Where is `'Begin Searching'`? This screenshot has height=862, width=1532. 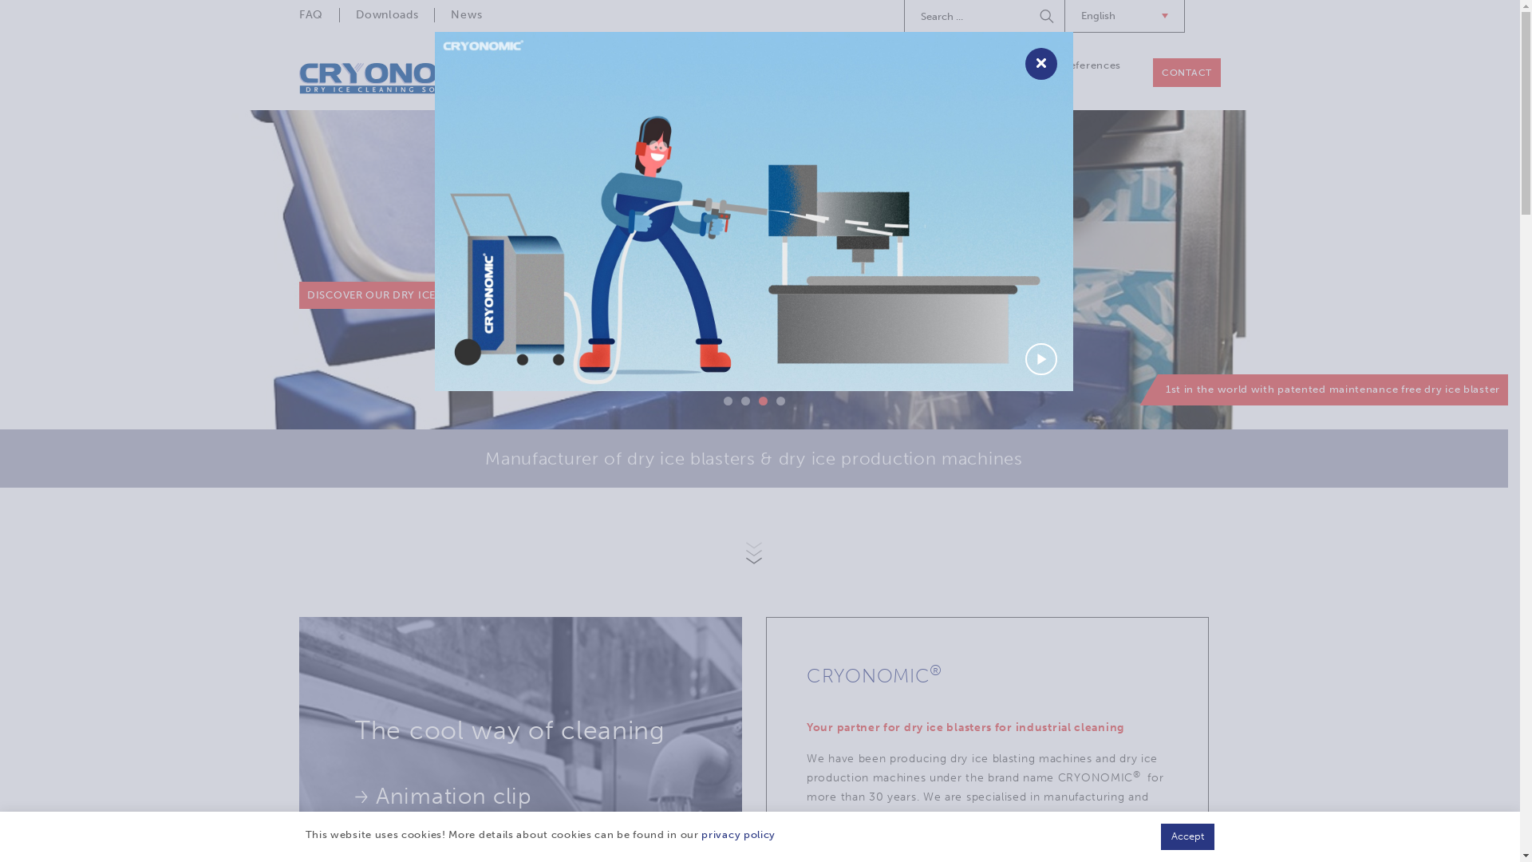 'Begin Searching' is located at coordinates (1033, 15).